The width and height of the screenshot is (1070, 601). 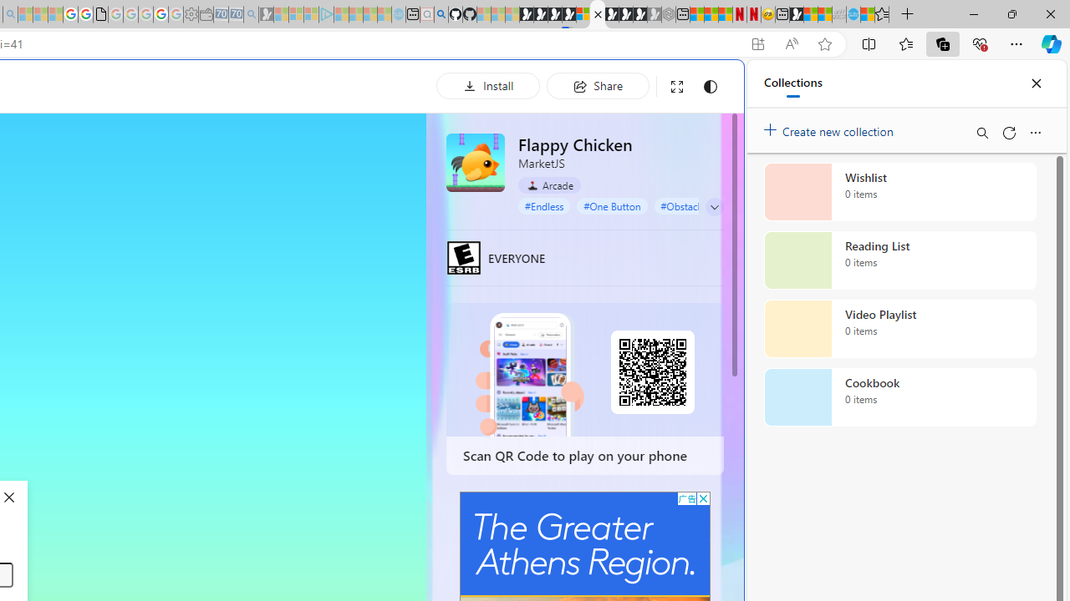 What do you see at coordinates (677, 86) in the screenshot?
I see `'Full screen'` at bounding box center [677, 86].